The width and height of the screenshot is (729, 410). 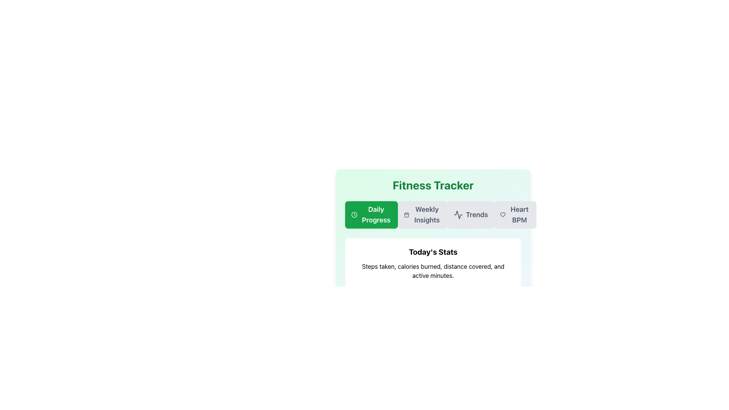 What do you see at coordinates (503, 215) in the screenshot?
I see `the heart-related metrics icon located in the 'Heart BPM' section of the top navigation bar on the dashboard` at bounding box center [503, 215].